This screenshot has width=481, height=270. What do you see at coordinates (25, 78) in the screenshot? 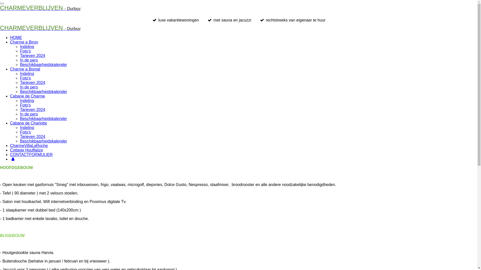
I see `'Foto's'` at bounding box center [25, 78].